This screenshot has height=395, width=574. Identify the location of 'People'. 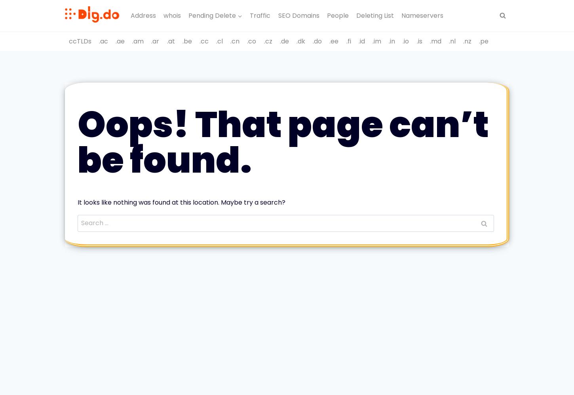
(337, 15).